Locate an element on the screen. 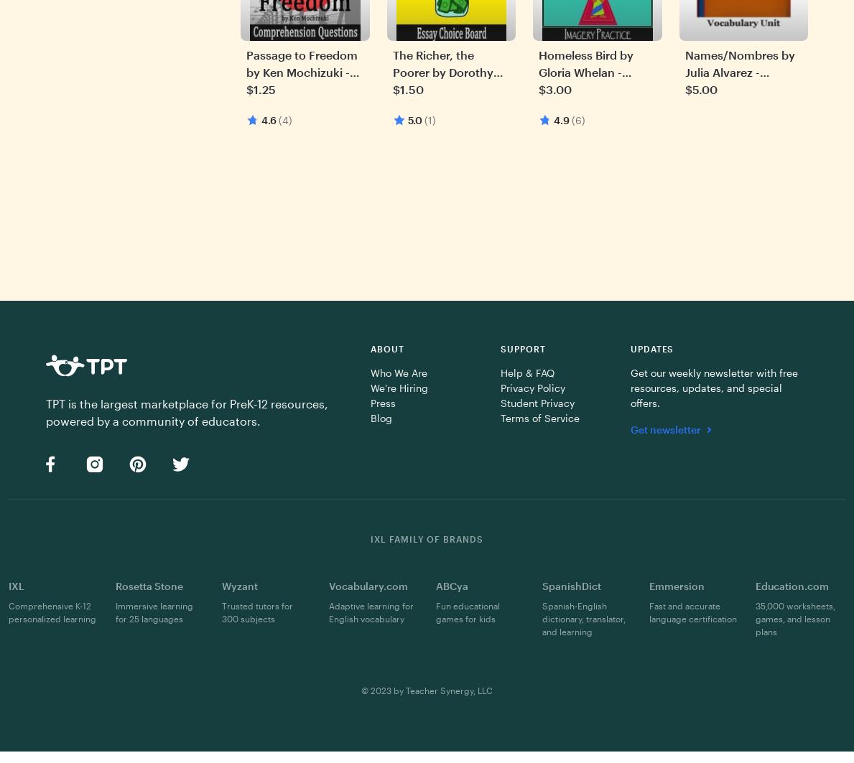  '5.0' is located at coordinates (414, 119).